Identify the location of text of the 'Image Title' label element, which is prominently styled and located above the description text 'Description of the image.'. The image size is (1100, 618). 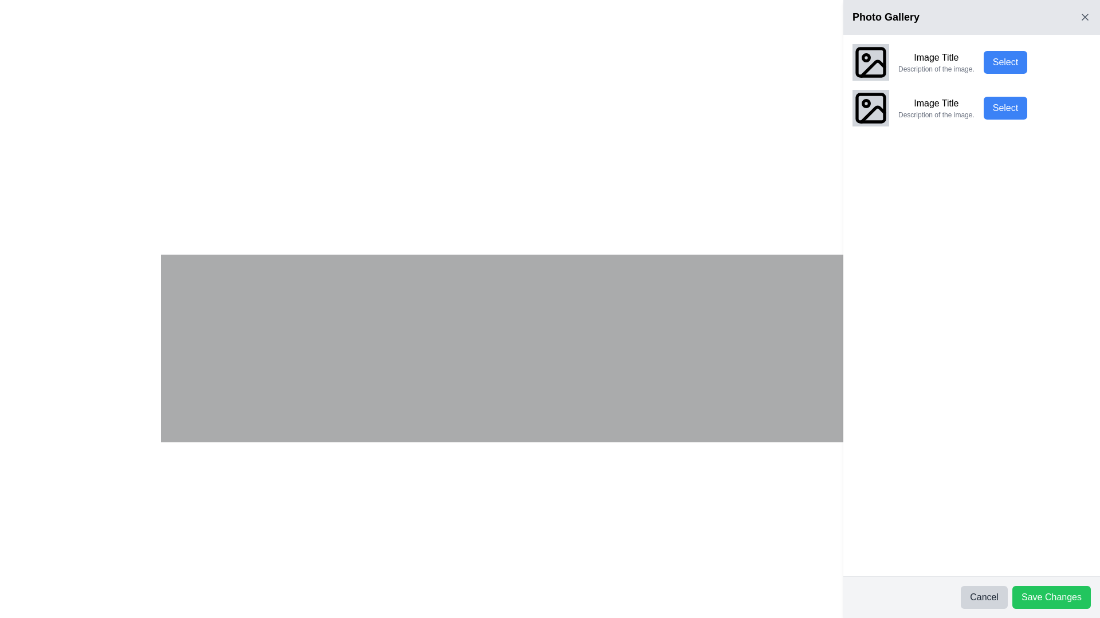
(936, 57).